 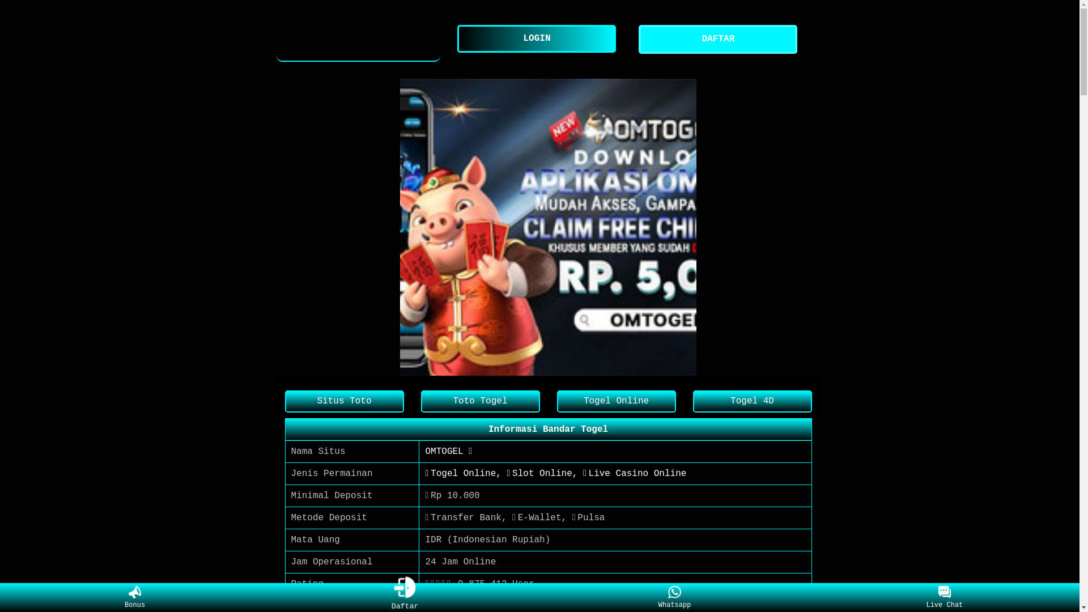 I want to click on 'Togel 4D', so click(x=751, y=401).